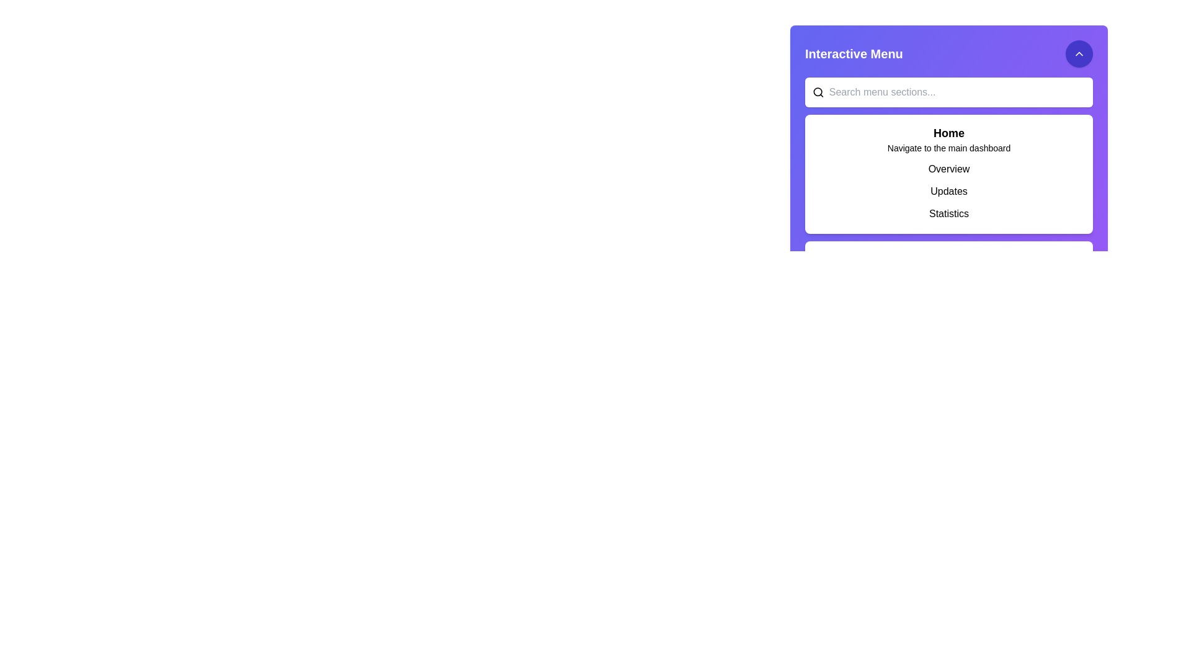 The width and height of the screenshot is (1191, 670). I want to click on the 'Home' card in the Interactive Menu, so click(948, 131).